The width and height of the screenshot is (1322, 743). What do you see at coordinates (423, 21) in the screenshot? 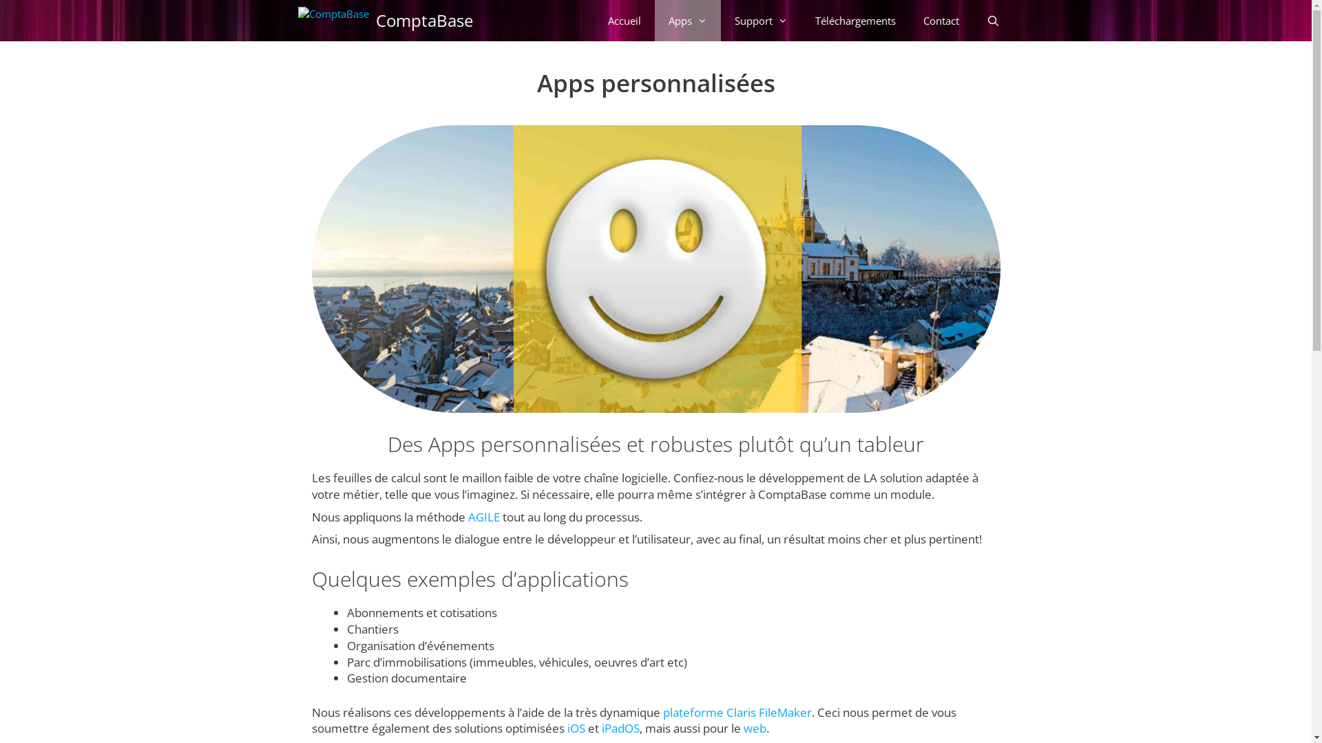
I see `'ComptaBase'` at bounding box center [423, 21].